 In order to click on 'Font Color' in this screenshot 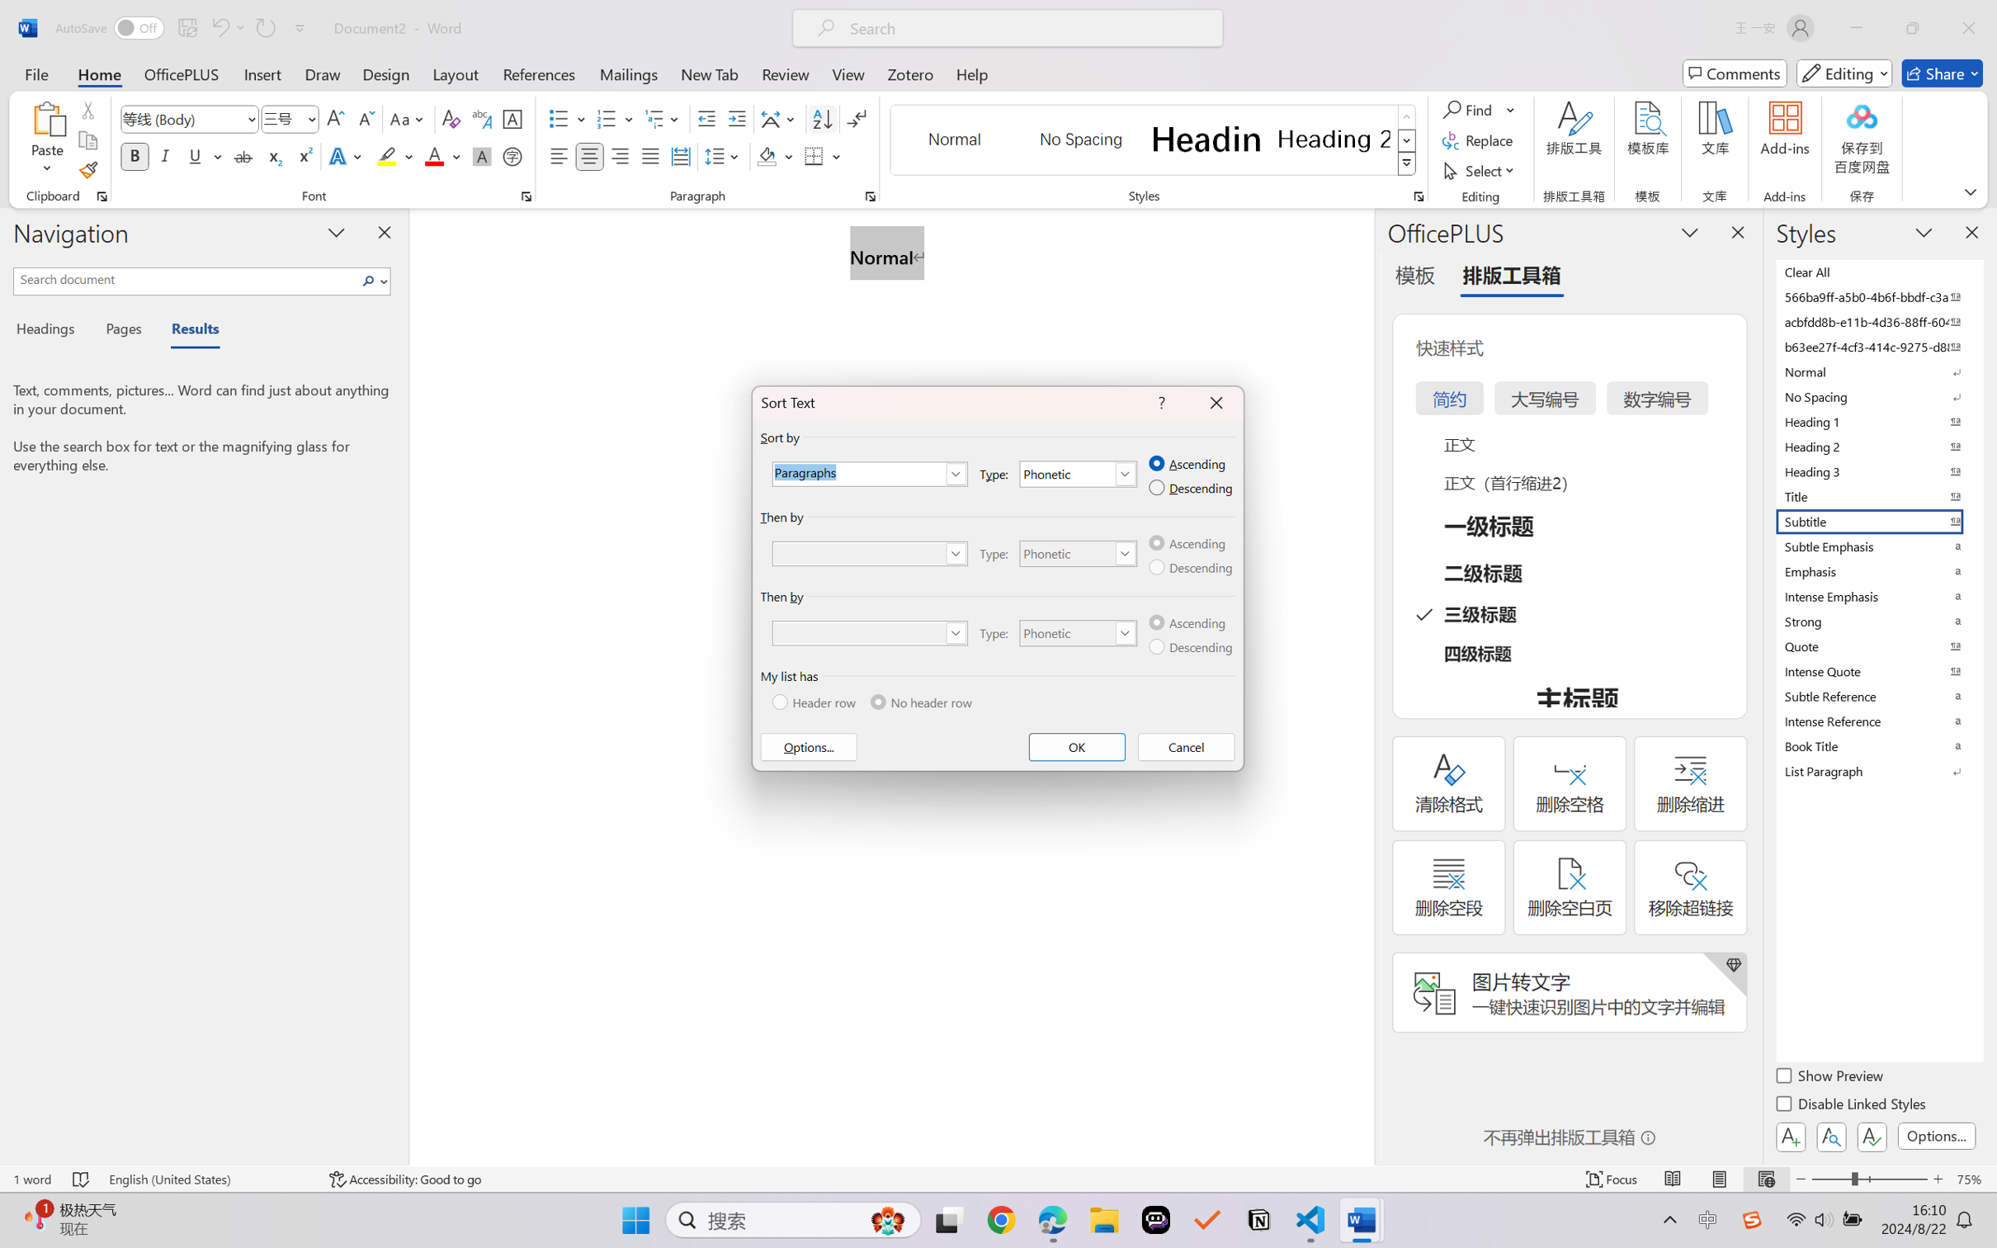, I will do `click(442, 155)`.